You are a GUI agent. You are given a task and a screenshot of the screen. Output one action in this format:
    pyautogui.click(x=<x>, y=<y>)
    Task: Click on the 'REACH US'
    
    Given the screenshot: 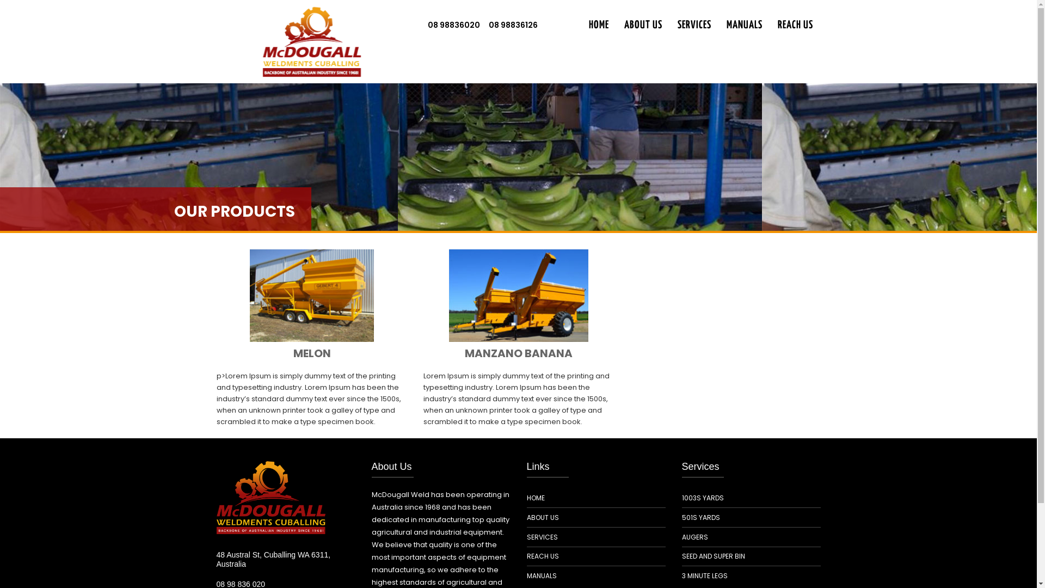 What is the action you would take?
    pyautogui.click(x=795, y=25)
    